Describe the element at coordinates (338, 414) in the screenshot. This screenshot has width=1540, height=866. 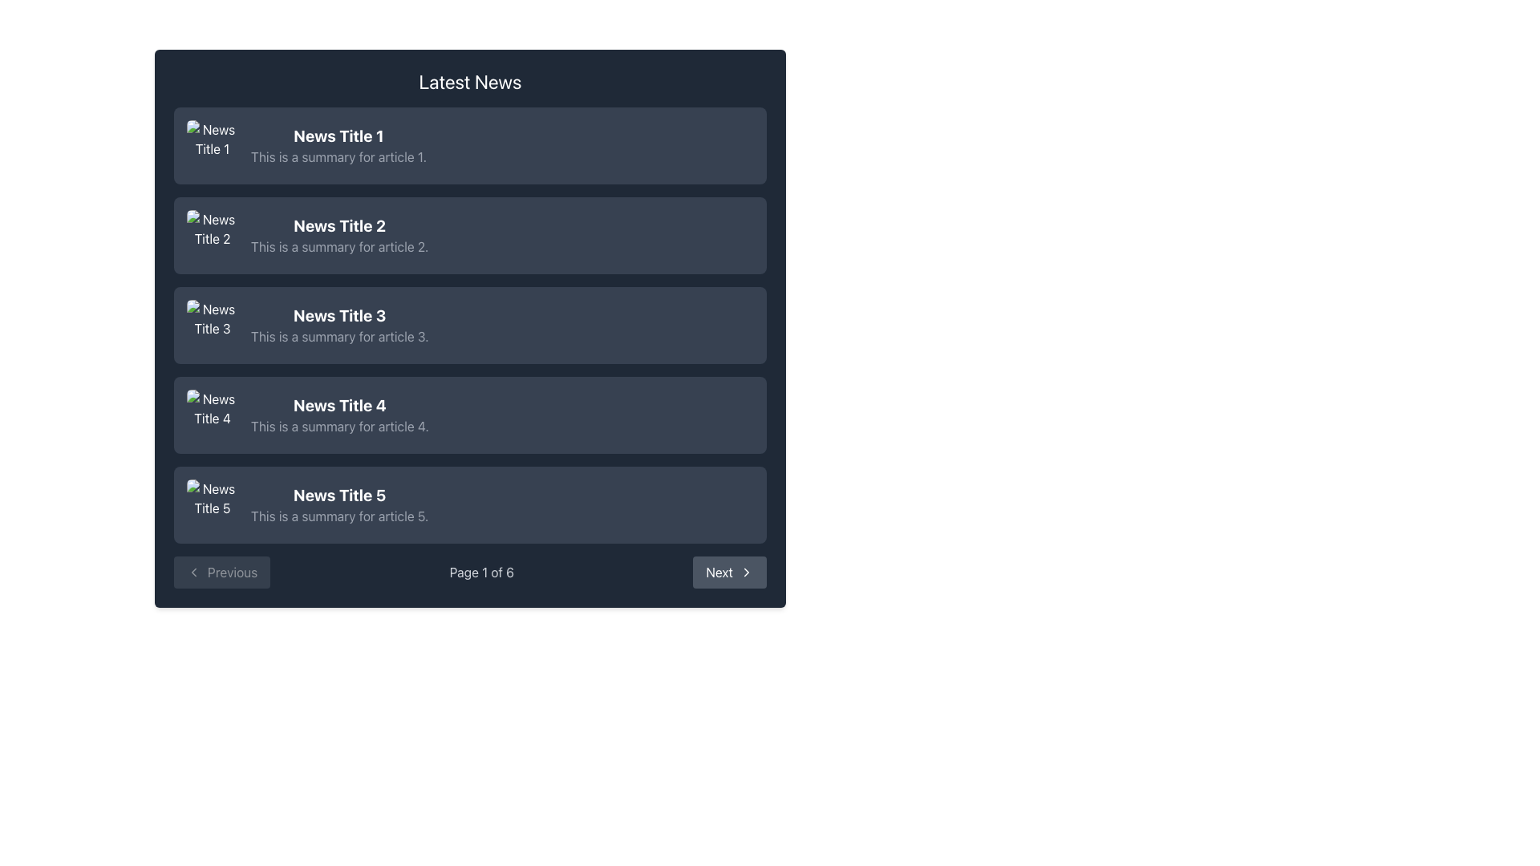
I see `the text of the fourth article in the list, which has the title 'News Title 4' and the description 'This is a summary for article 4.'` at that location.